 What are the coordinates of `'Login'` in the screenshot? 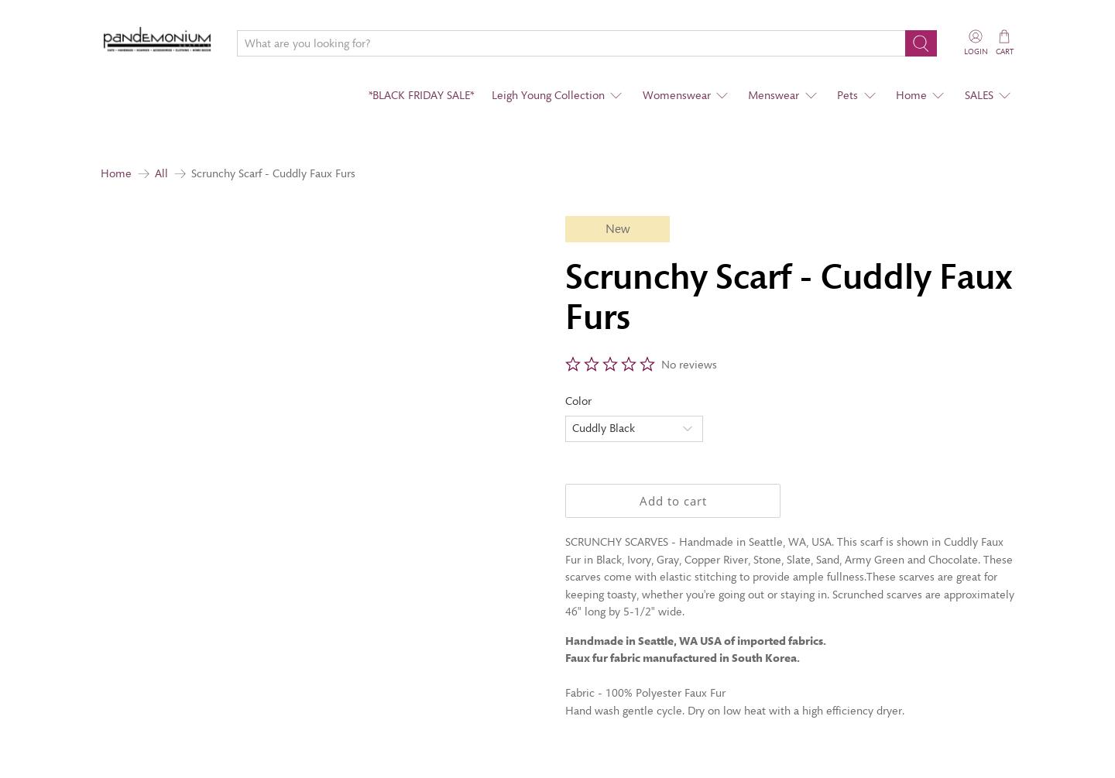 It's located at (974, 50).